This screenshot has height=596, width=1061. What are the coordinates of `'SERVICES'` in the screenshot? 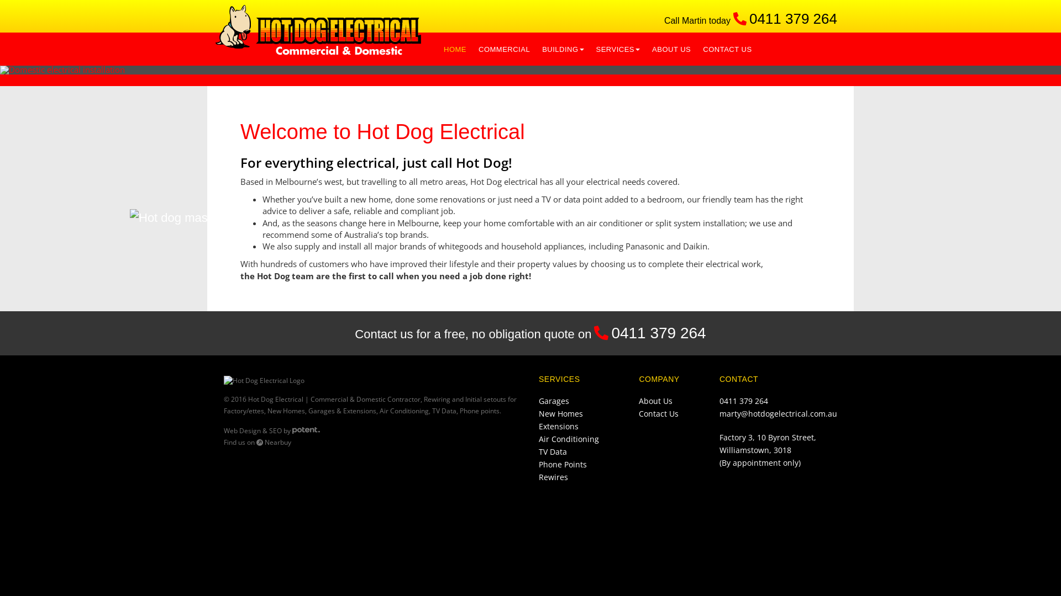 It's located at (617, 48).